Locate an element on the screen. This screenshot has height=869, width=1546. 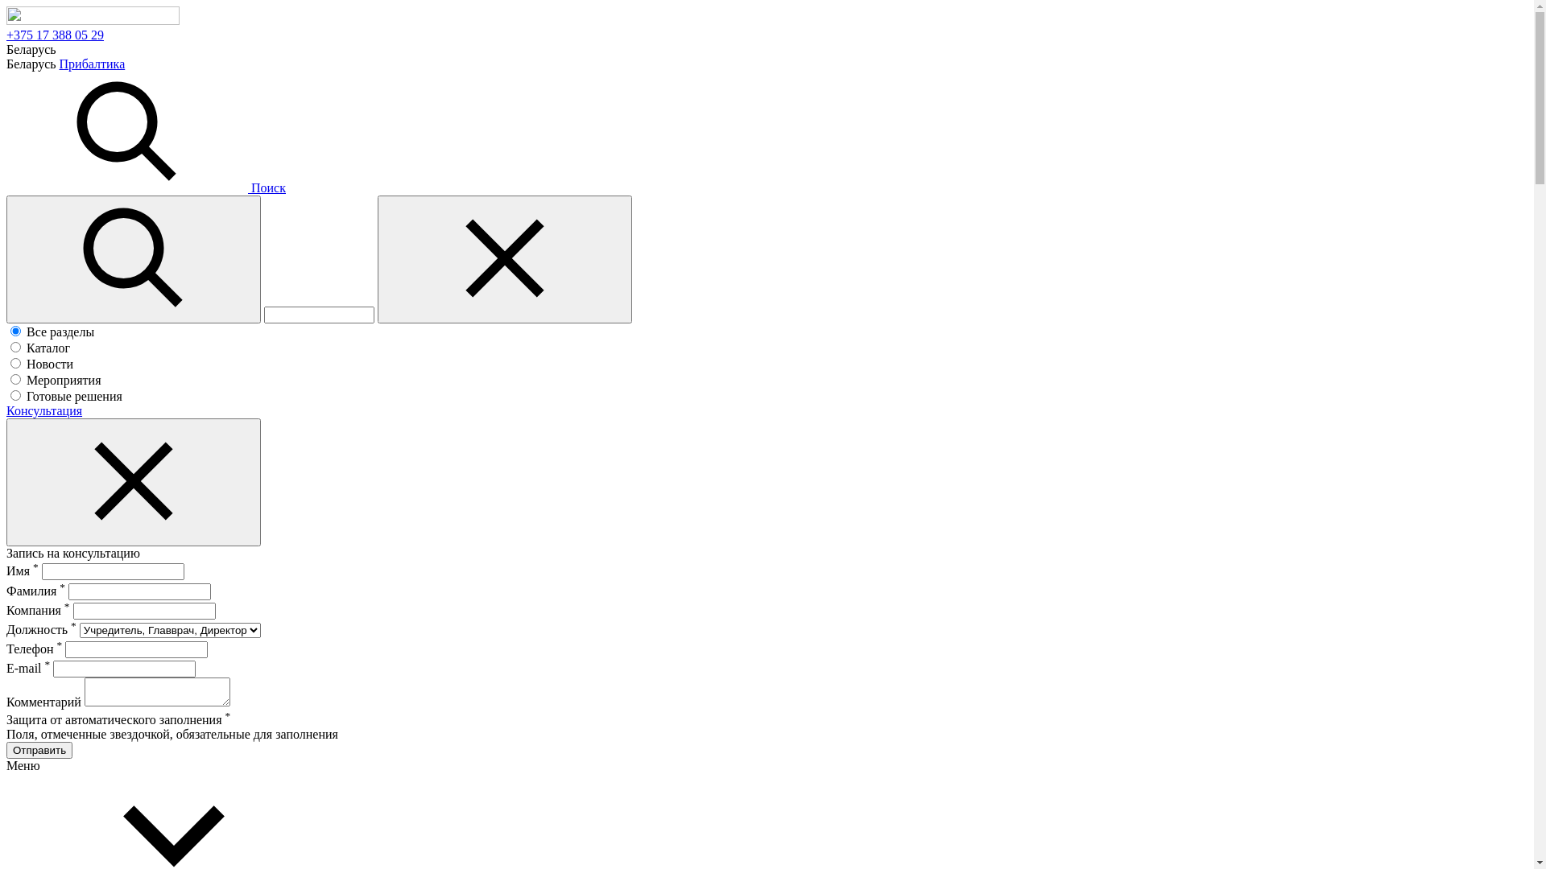
'+375 17 388 05 29' is located at coordinates (55, 35).